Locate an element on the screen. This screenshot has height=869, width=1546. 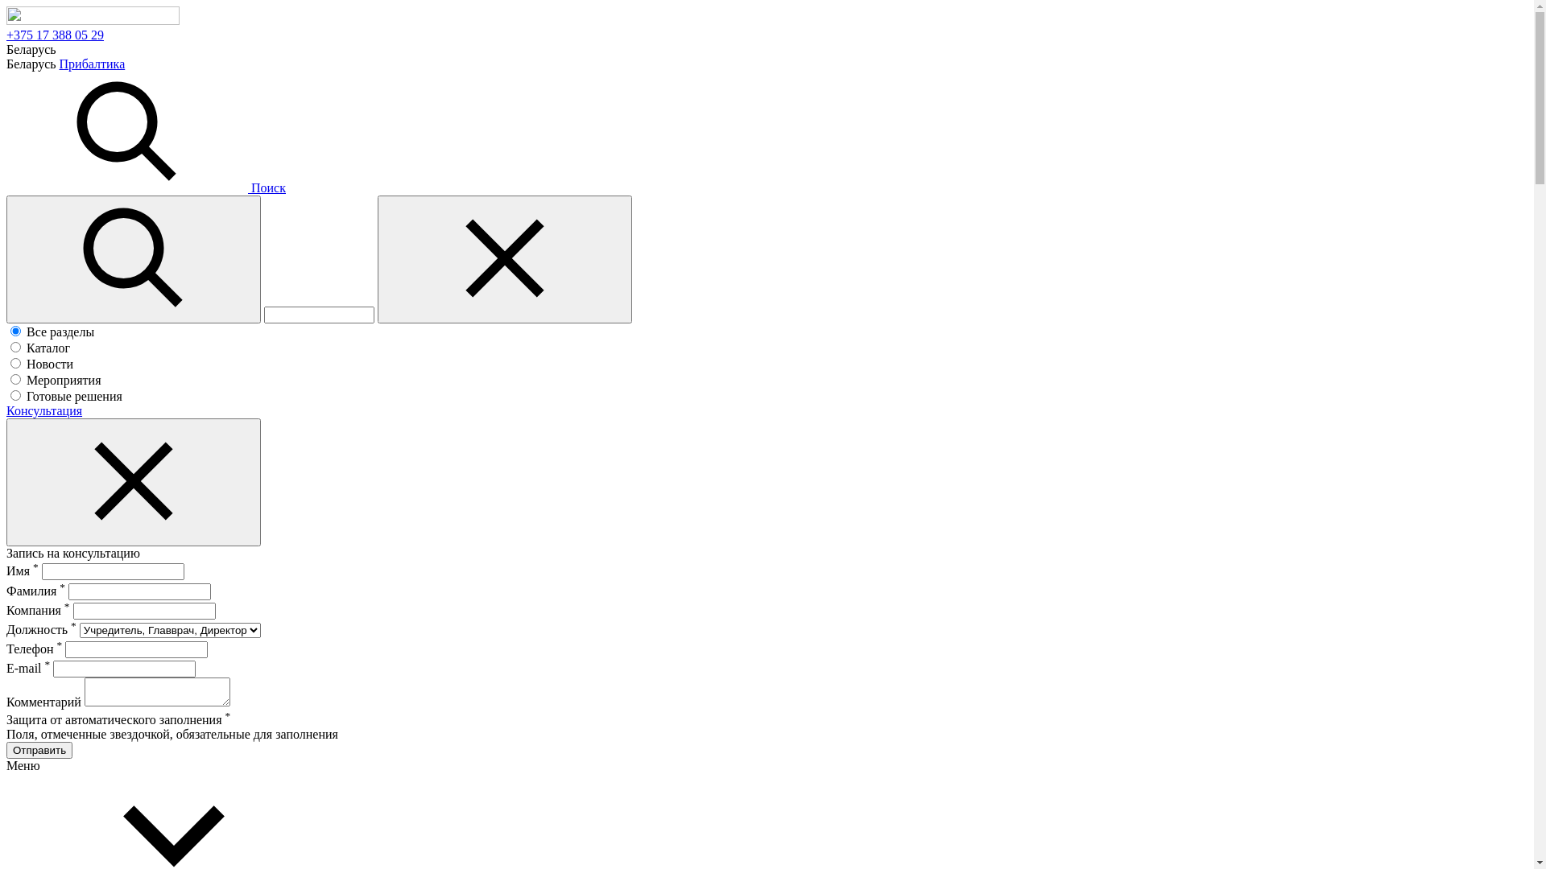
'+375 17 388 05 29' is located at coordinates (55, 35).